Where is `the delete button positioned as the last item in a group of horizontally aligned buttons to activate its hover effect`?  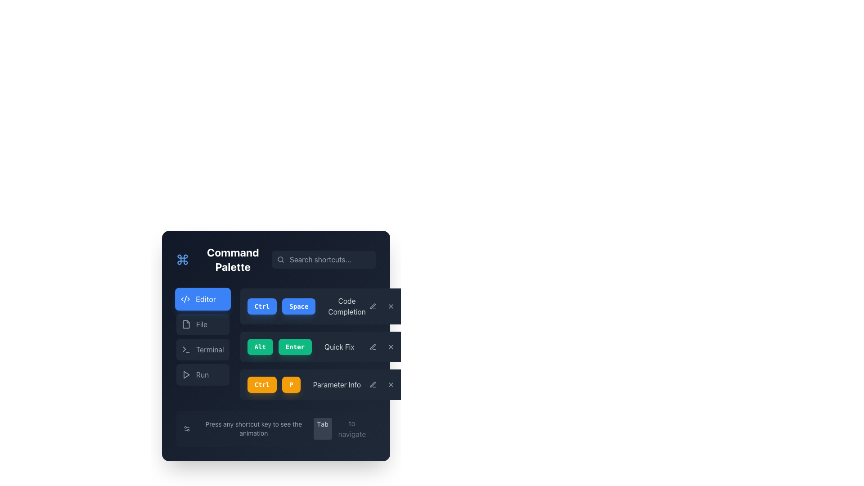 the delete button positioned as the last item in a group of horizontally aligned buttons to activate its hover effect is located at coordinates (391, 346).